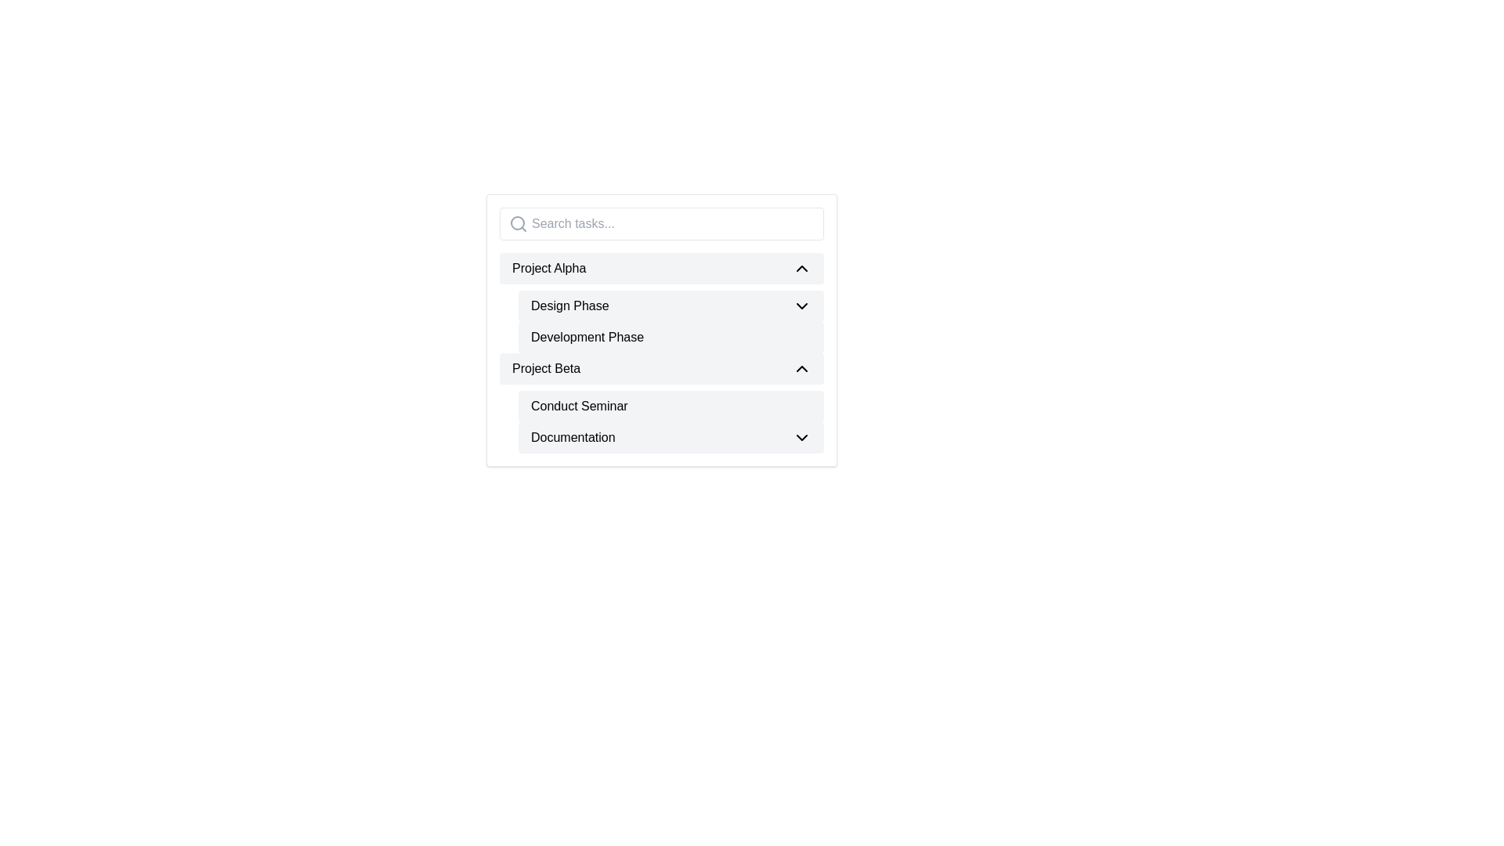 The image size is (1504, 846). Describe the element at coordinates (801, 305) in the screenshot. I see `the Chevron Down icon located at the top-center-right position within the 'Design Phase' label area` at that location.